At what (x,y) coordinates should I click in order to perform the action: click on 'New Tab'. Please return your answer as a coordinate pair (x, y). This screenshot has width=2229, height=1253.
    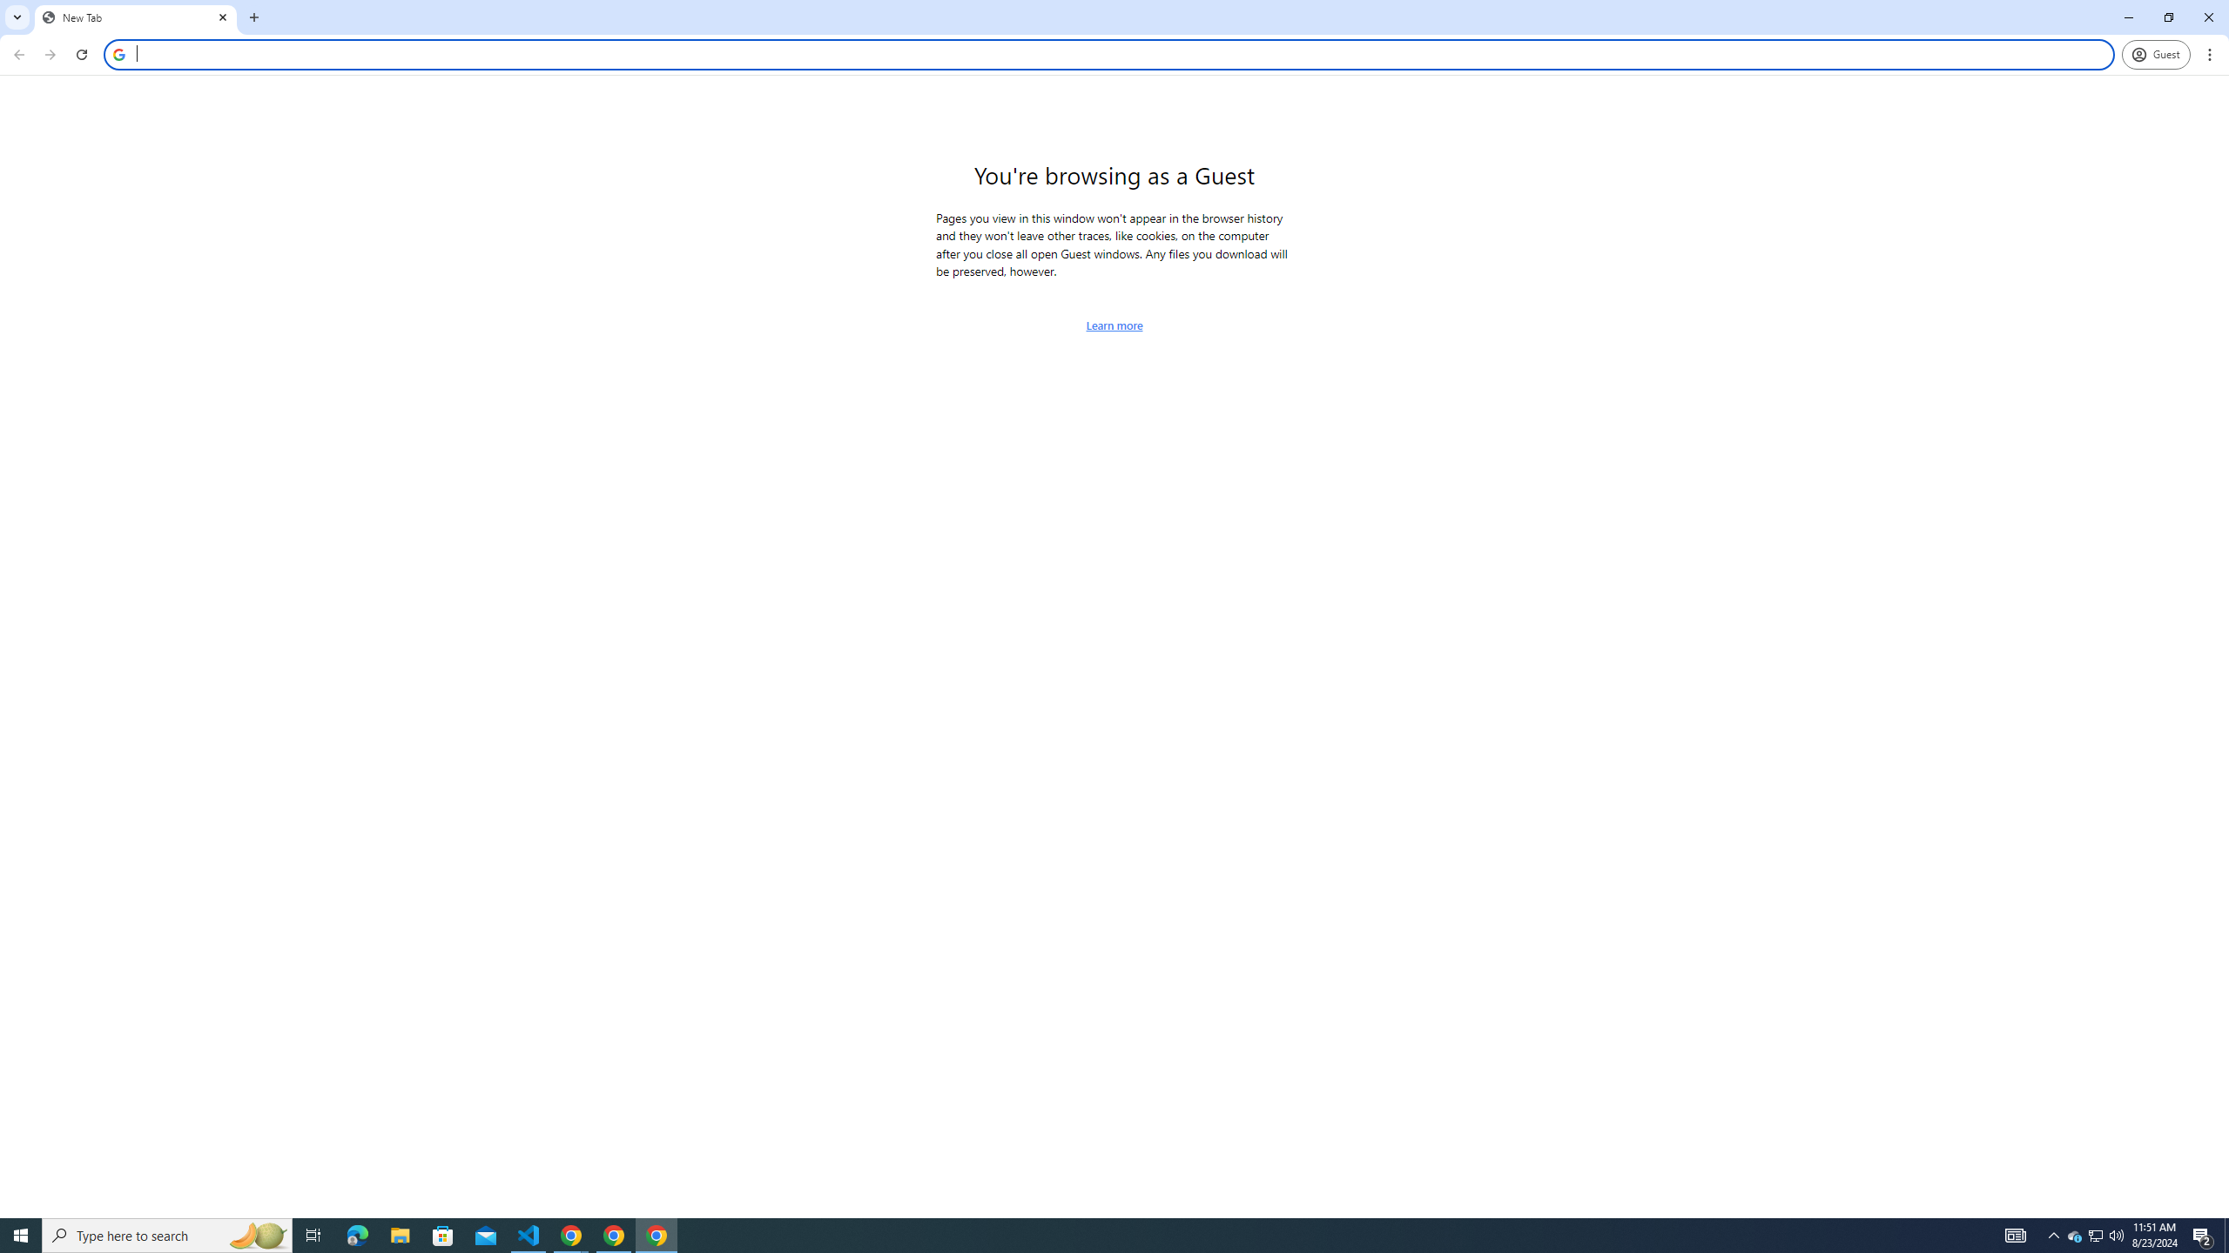
    Looking at the image, I should click on (135, 17).